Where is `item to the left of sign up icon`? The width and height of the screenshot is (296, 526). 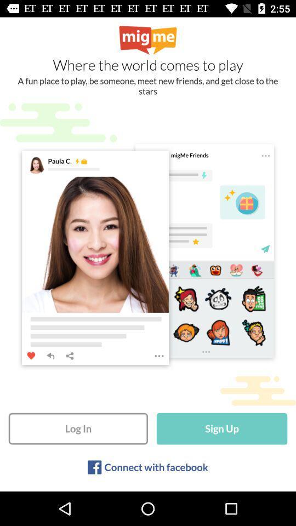 item to the left of sign up icon is located at coordinates (77, 428).